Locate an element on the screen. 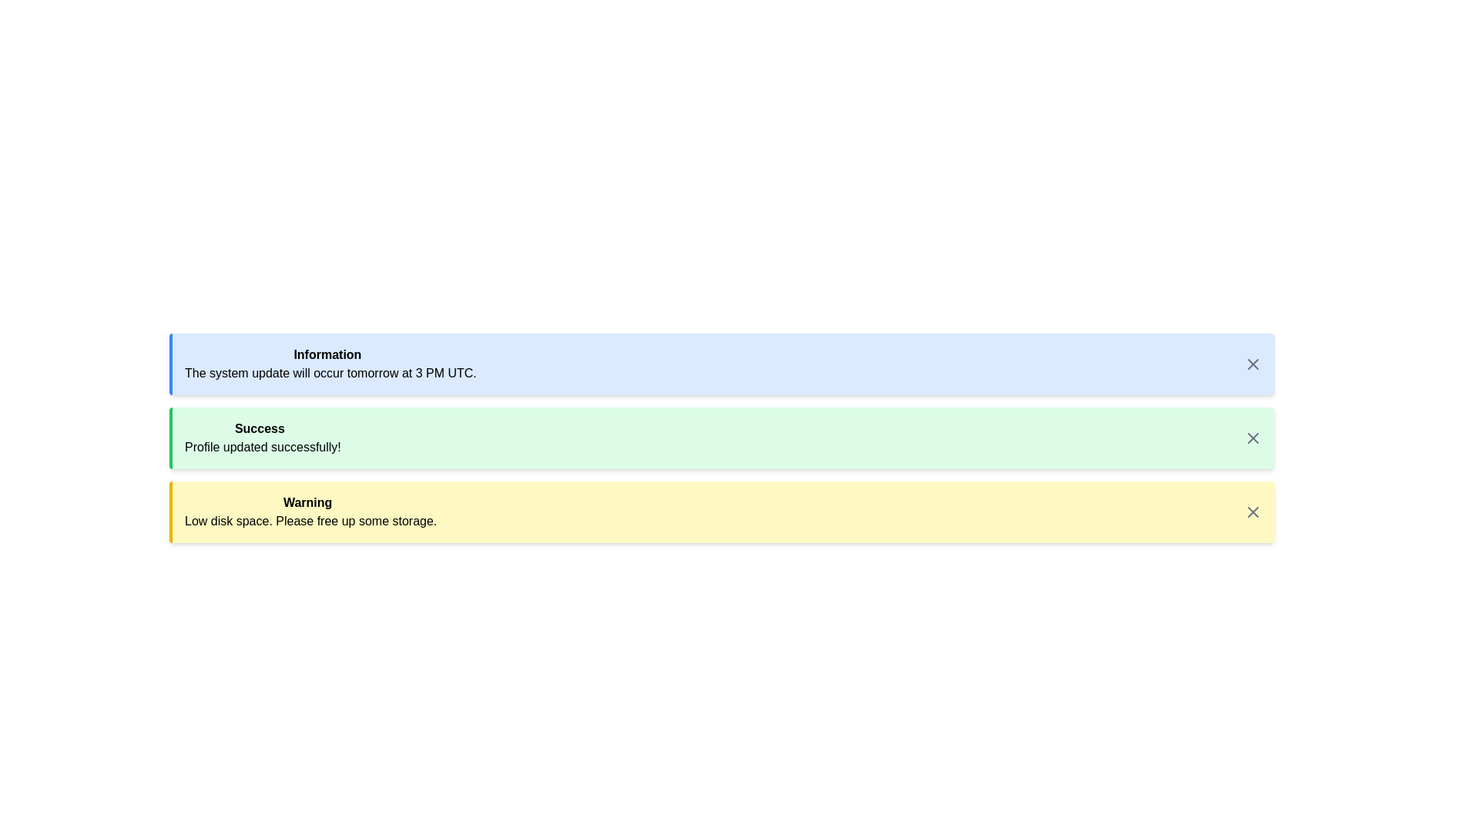 The height and width of the screenshot is (832, 1479). the text label that reads 'Profile updated successfully!' located in the lower portion of the green alert box titled 'Success' is located at coordinates (263, 448).